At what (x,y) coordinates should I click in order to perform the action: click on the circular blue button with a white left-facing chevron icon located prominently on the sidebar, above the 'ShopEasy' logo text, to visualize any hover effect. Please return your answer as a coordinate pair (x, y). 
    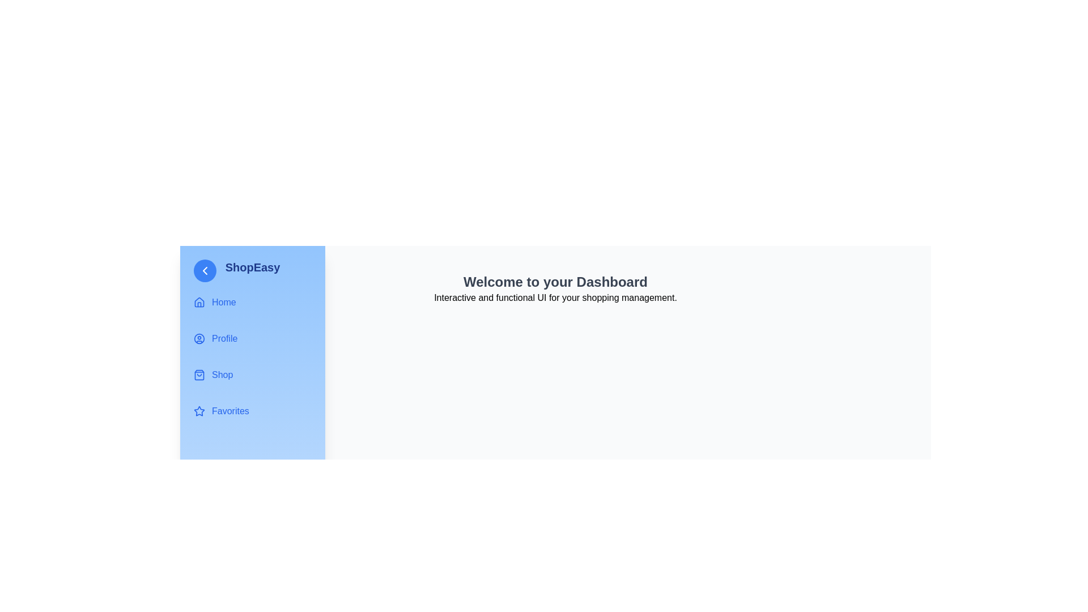
    Looking at the image, I should click on (205, 271).